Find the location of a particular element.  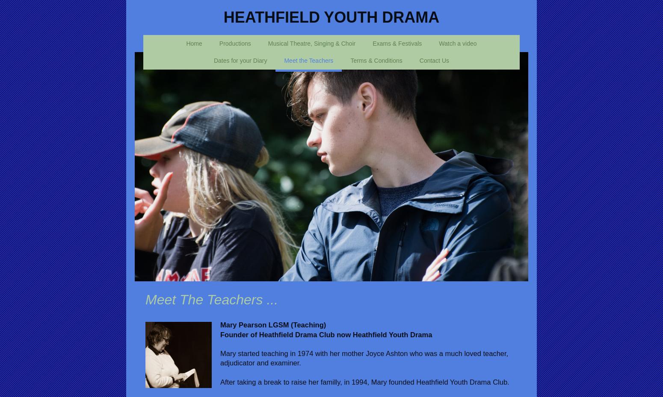

'Exams & Festivals' is located at coordinates (397, 43).